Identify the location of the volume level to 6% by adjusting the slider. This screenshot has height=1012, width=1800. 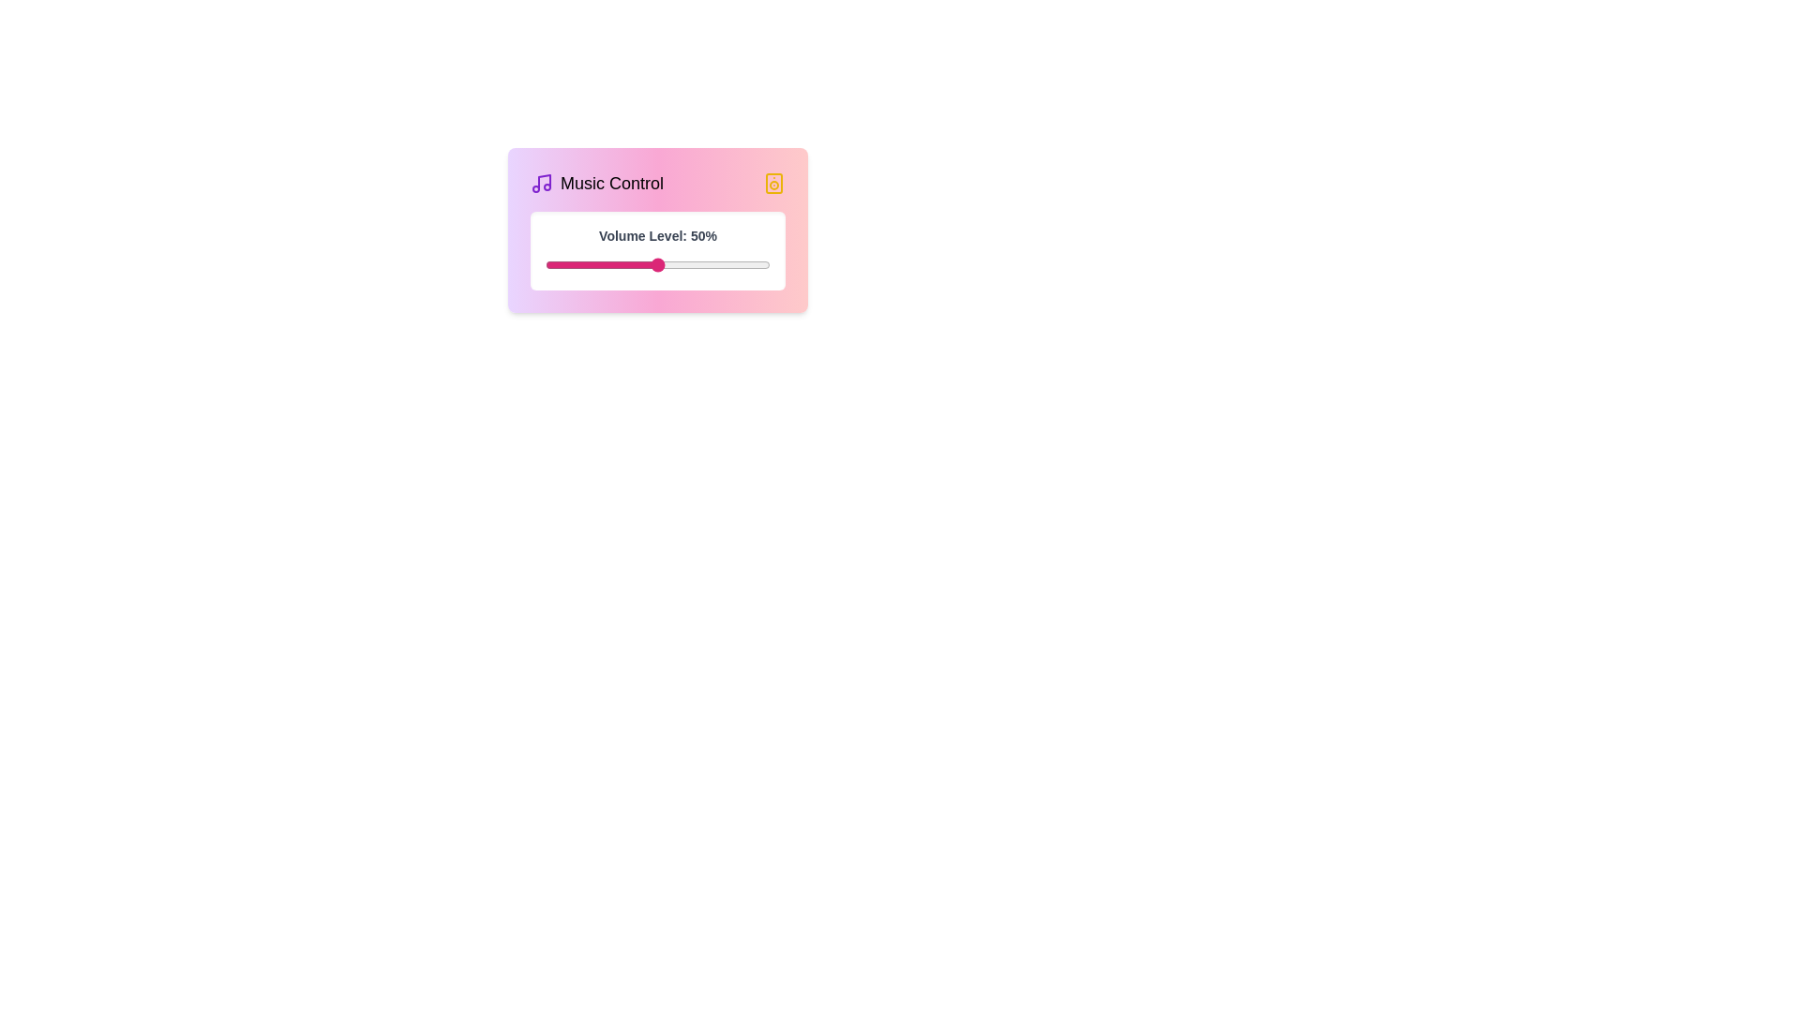
(558, 264).